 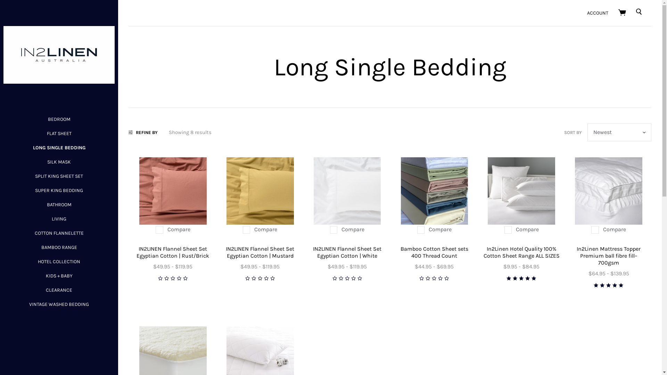 What do you see at coordinates (59, 190) in the screenshot?
I see `'SUPER KING BEDDING'` at bounding box center [59, 190].